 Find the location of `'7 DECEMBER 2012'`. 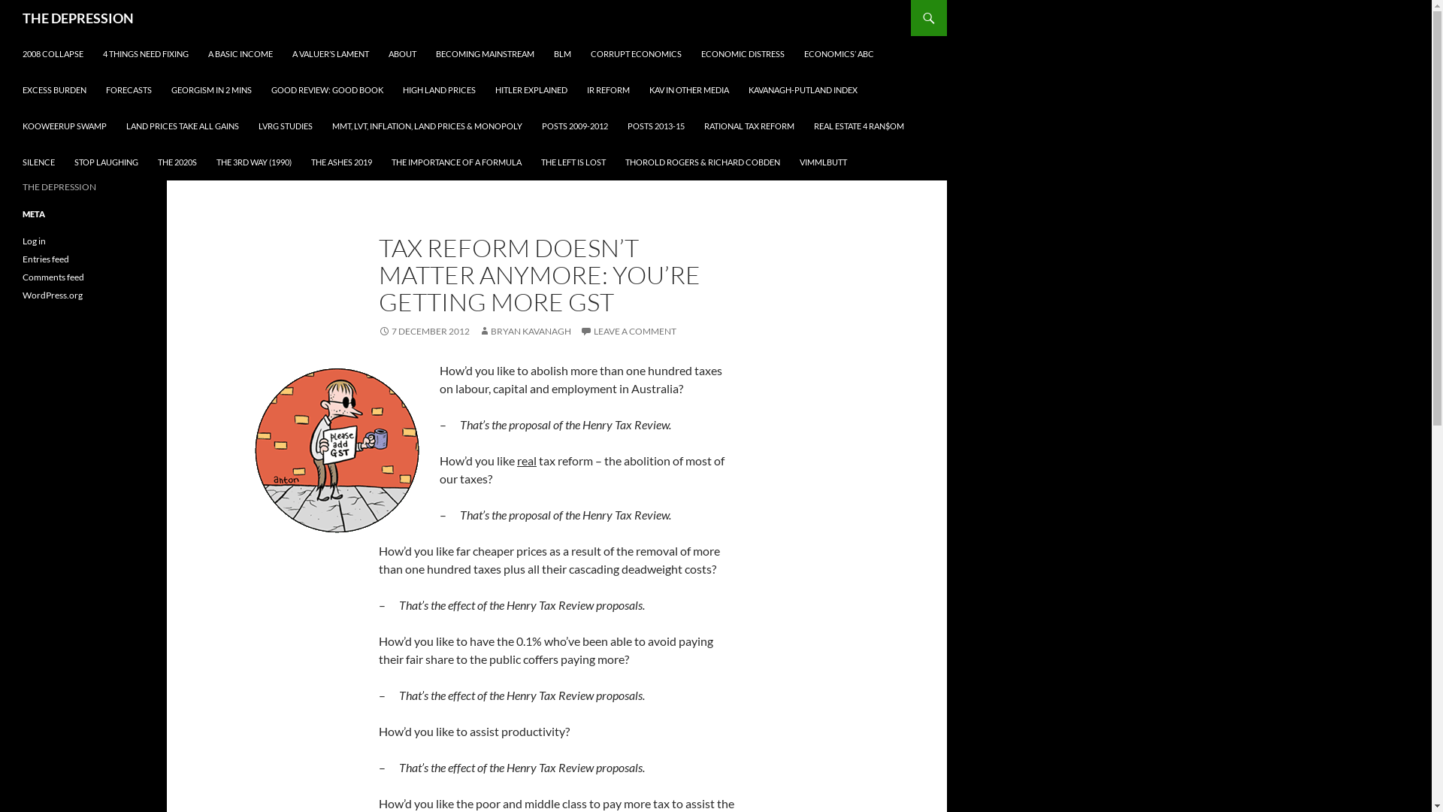

'7 DECEMBER 2012' is located at coordinates (423, 330).